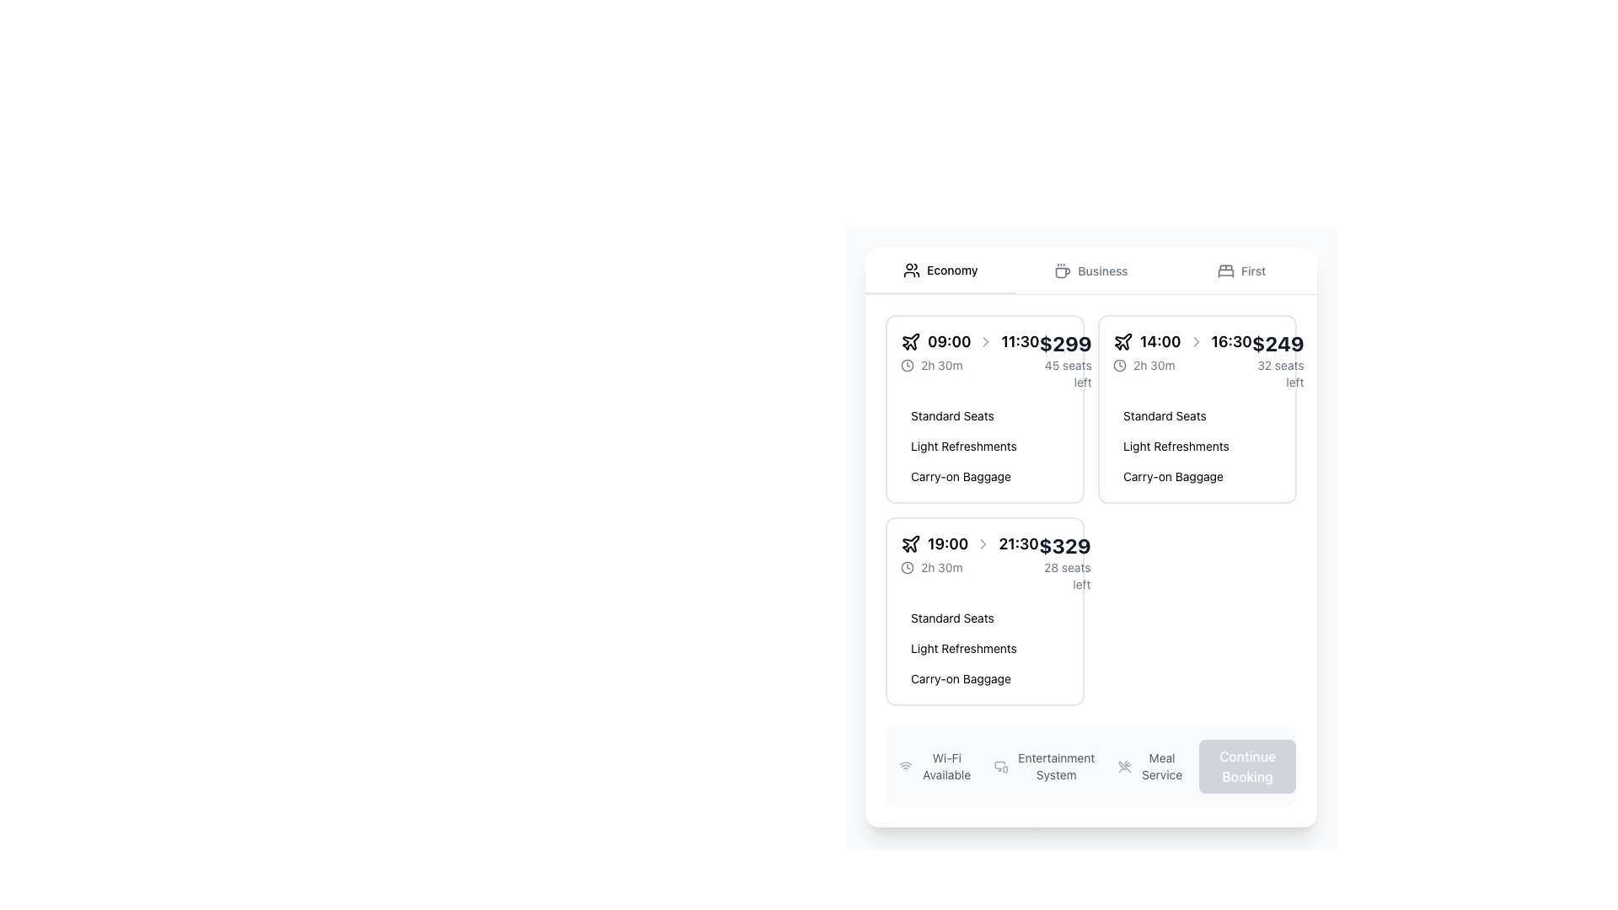  I want to click on the button located at the top-center of the interface, so click(1091, 270).